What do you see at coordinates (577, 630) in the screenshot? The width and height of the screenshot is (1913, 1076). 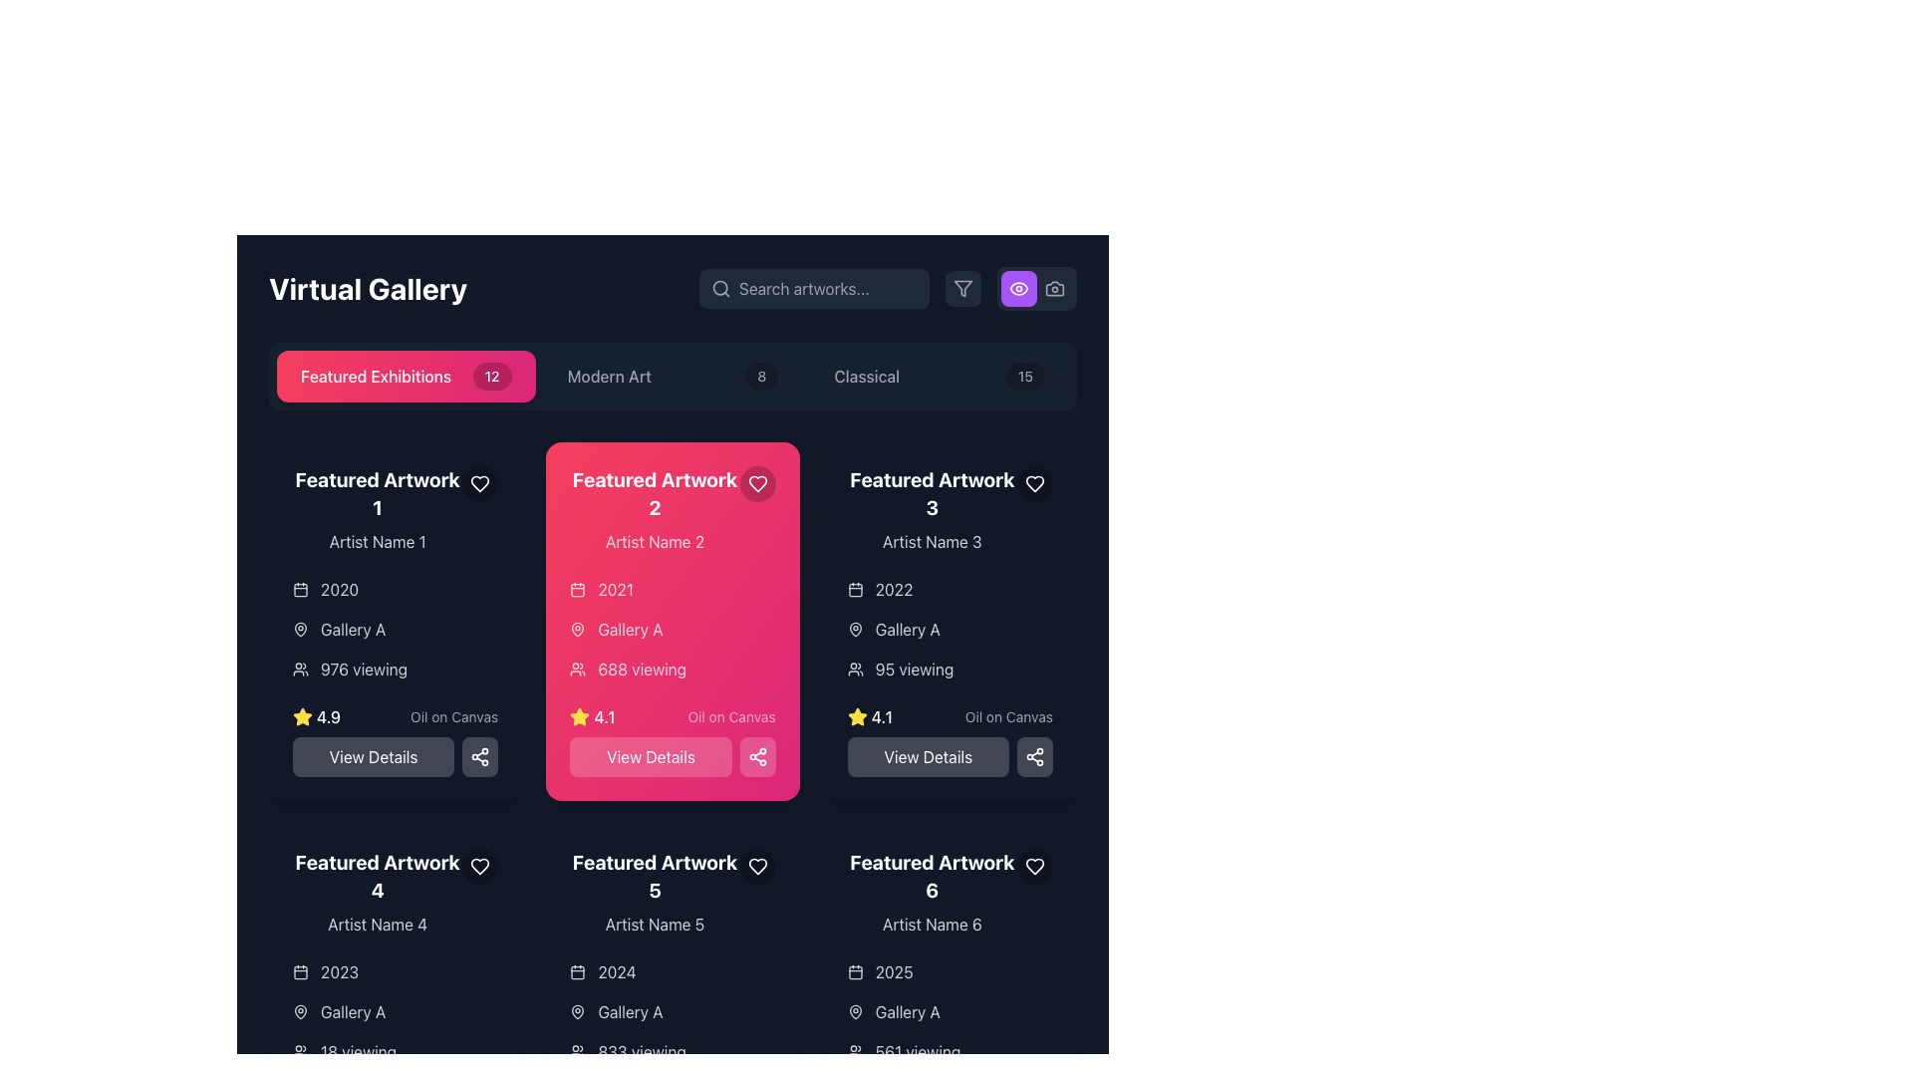 I see `the map pin icon located in the middle left portion of the 'Gallery A' section within the 'Featured Artwork 2' card, which is characterized by its circular base and pointed bottom design` at bounding box center [577, 630].